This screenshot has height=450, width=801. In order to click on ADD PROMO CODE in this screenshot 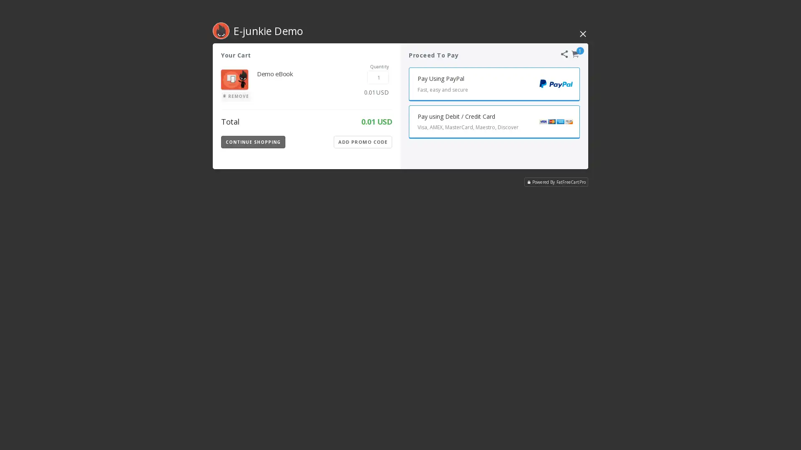, I will do `click(363, 141)`.